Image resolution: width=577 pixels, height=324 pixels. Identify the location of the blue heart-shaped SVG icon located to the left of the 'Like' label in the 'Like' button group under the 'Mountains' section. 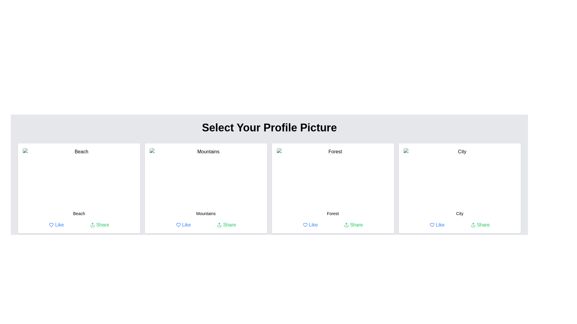
(178, 225).